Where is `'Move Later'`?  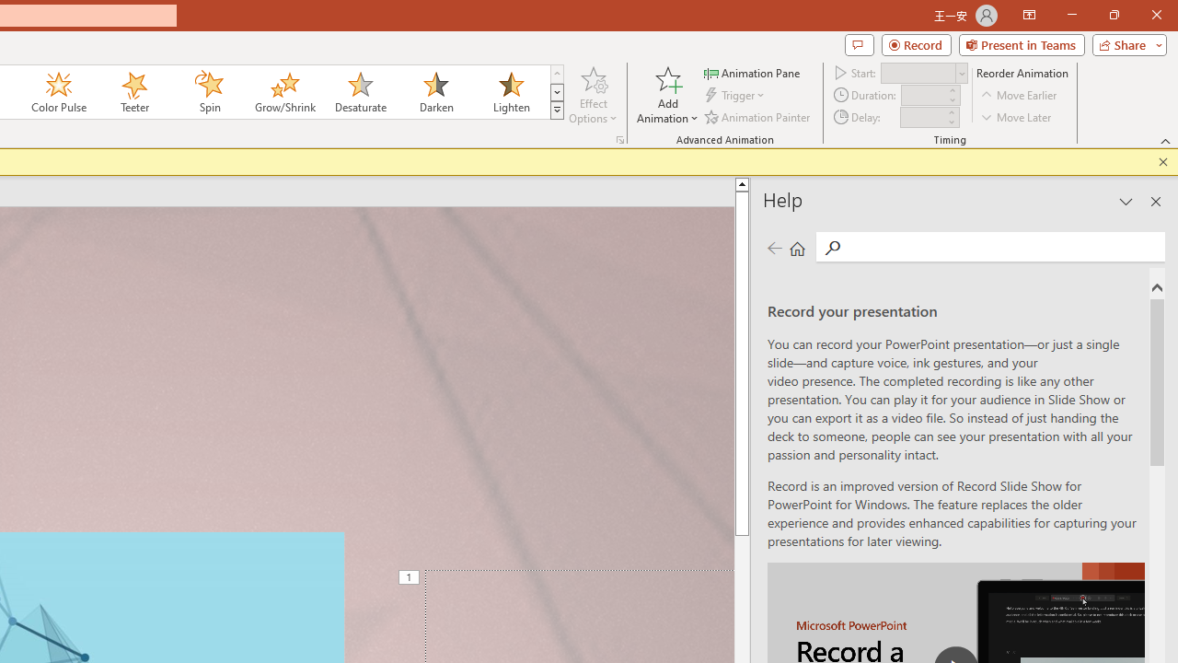
'Move Later' is located at coordinates (1016, 117).